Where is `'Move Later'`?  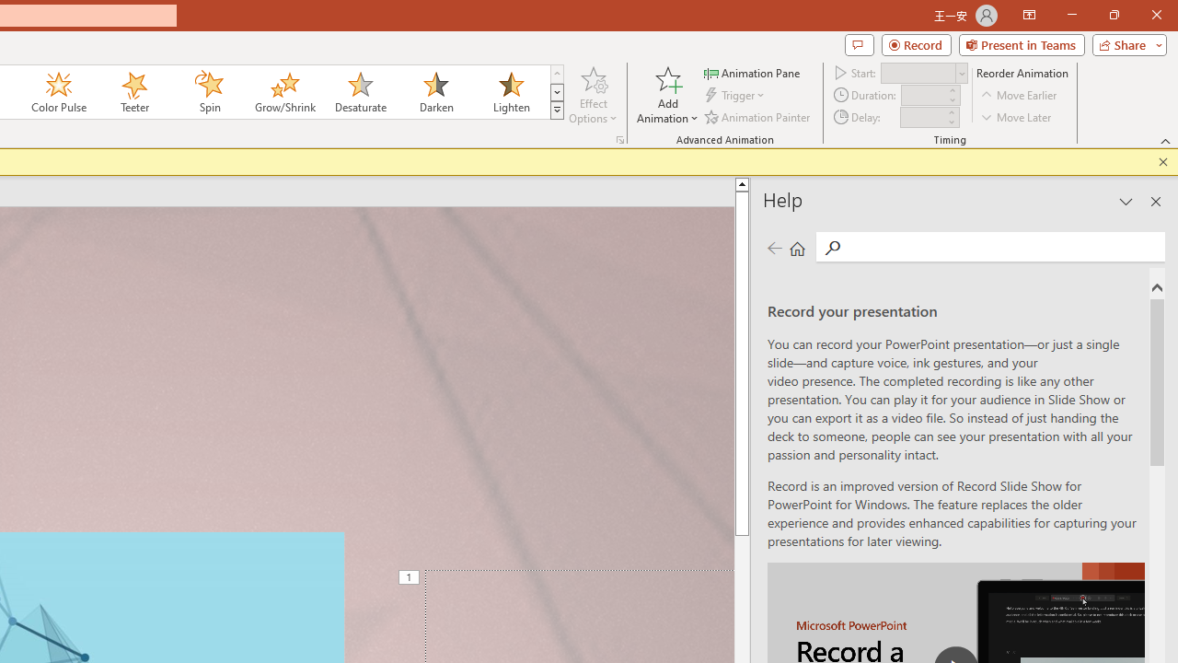
'Move Later' is located at coordinates (1016, 117).